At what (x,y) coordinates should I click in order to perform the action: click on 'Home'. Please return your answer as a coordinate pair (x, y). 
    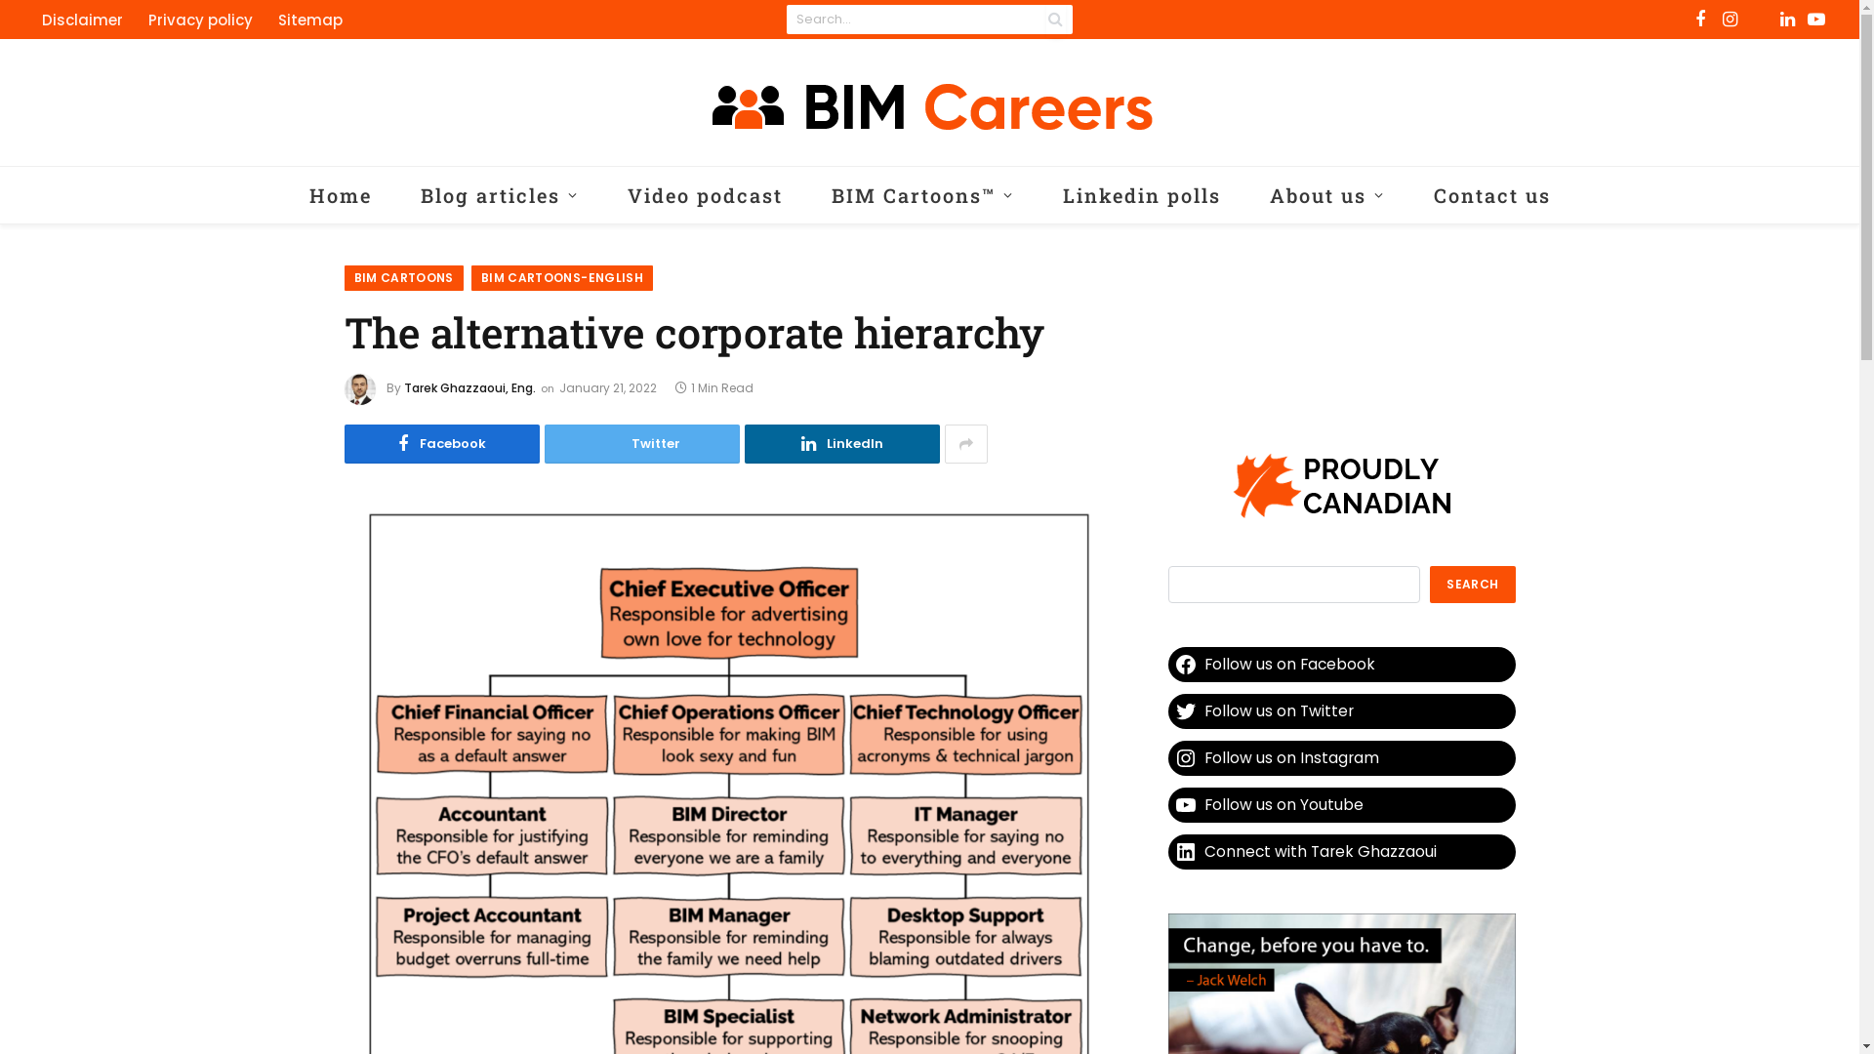
    Looking at the image, I should click on (341, 195).